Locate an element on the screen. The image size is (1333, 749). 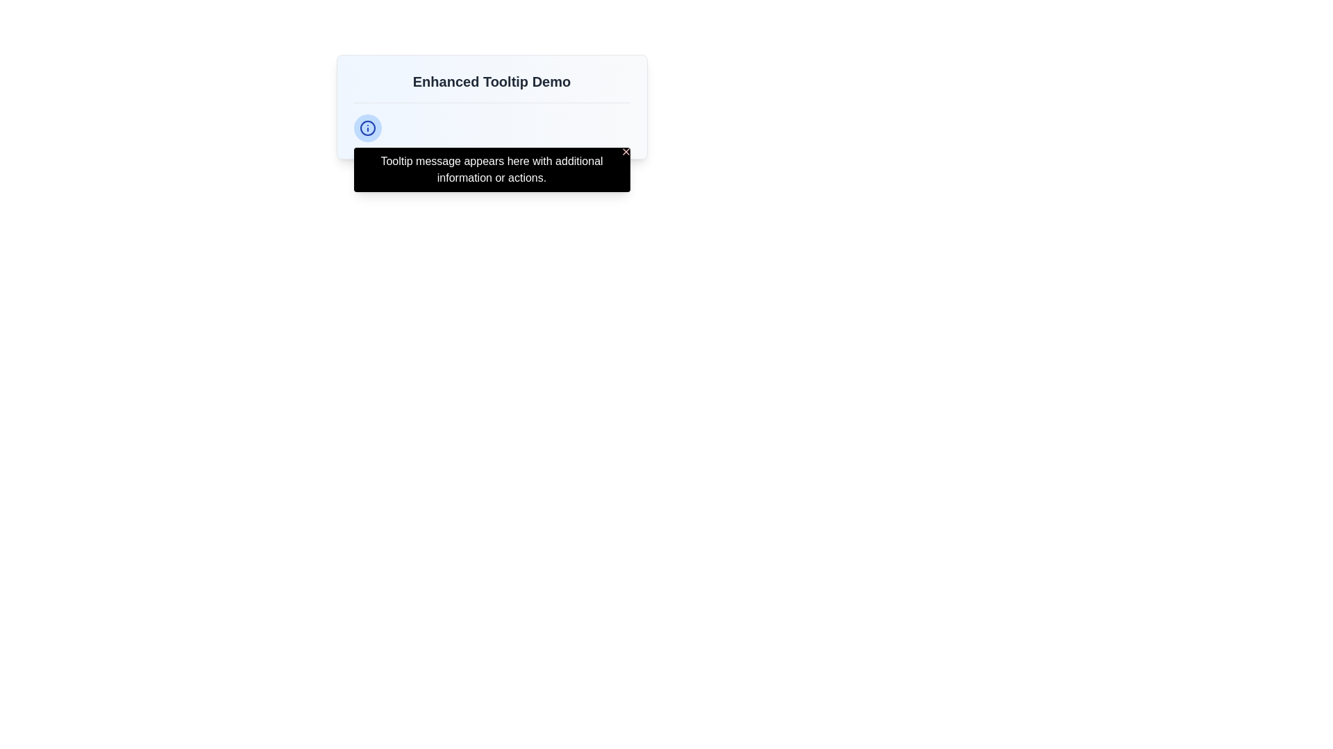
the small red 'X' icon button located at the top-right corner of the tooltip titled 'Enhanced Tooltip Demo' is located at coordinates (625, 152).